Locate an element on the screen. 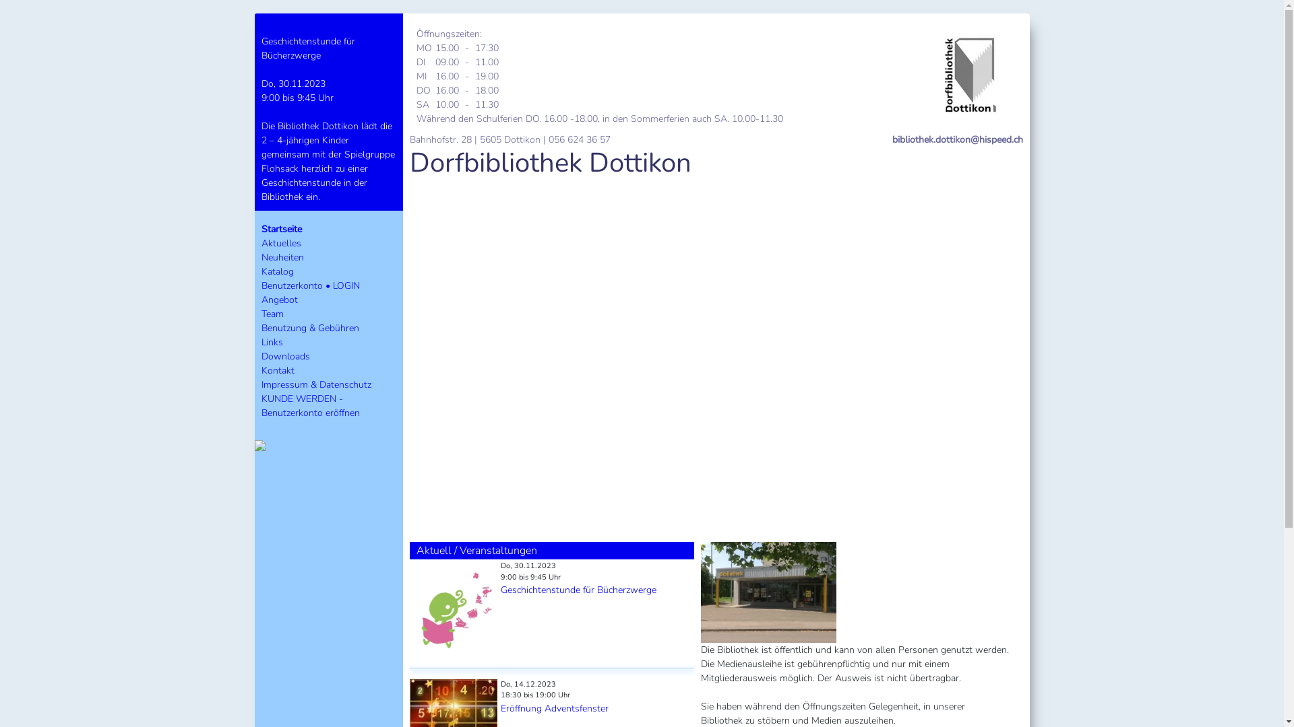 The image size is (1294, 727). 'Neuheiten' is located at coordinates (282, 257).